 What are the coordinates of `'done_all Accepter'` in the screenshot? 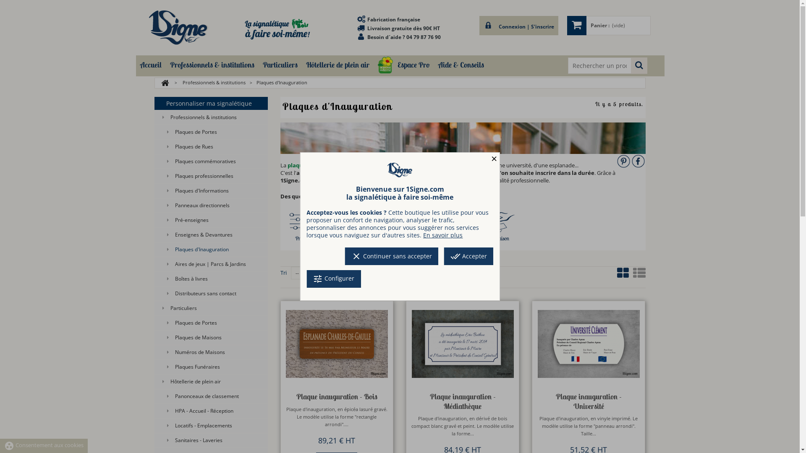 It's located at (468, 255).